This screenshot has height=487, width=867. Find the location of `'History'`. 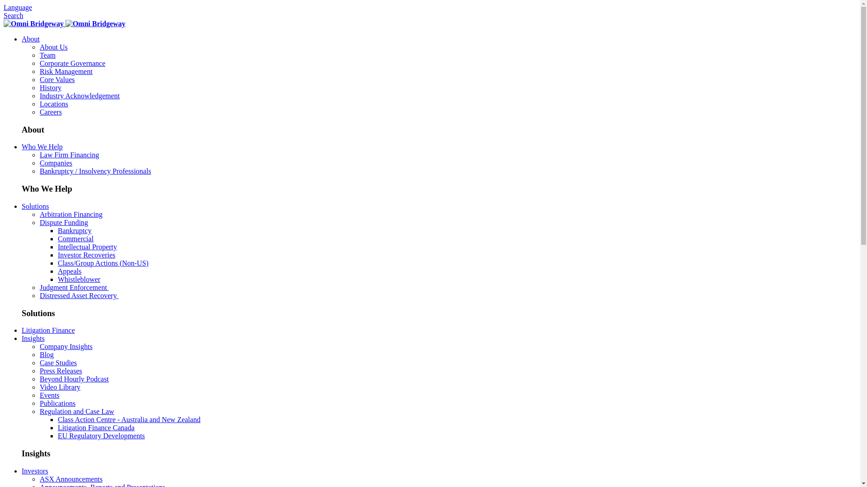

'History' is located at coordinates (50, 87).